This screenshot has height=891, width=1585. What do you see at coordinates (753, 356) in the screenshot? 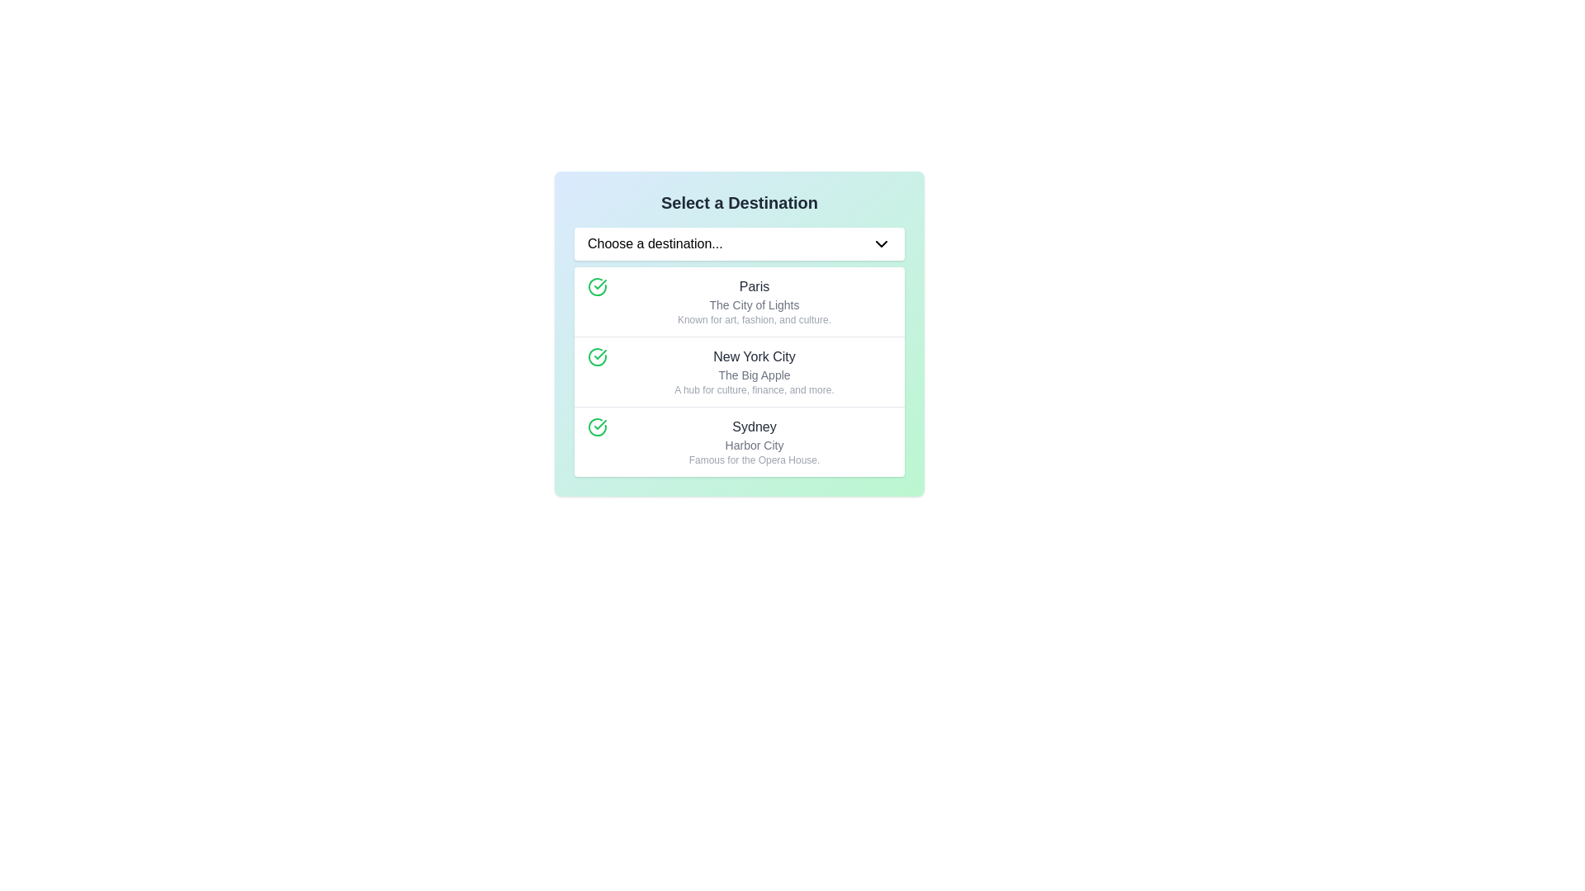
I see `the Text label that serves as a title or identifier for a location in the list, positioned between 'Paris' and 'Sydney'` at bounding box center [753, 356].